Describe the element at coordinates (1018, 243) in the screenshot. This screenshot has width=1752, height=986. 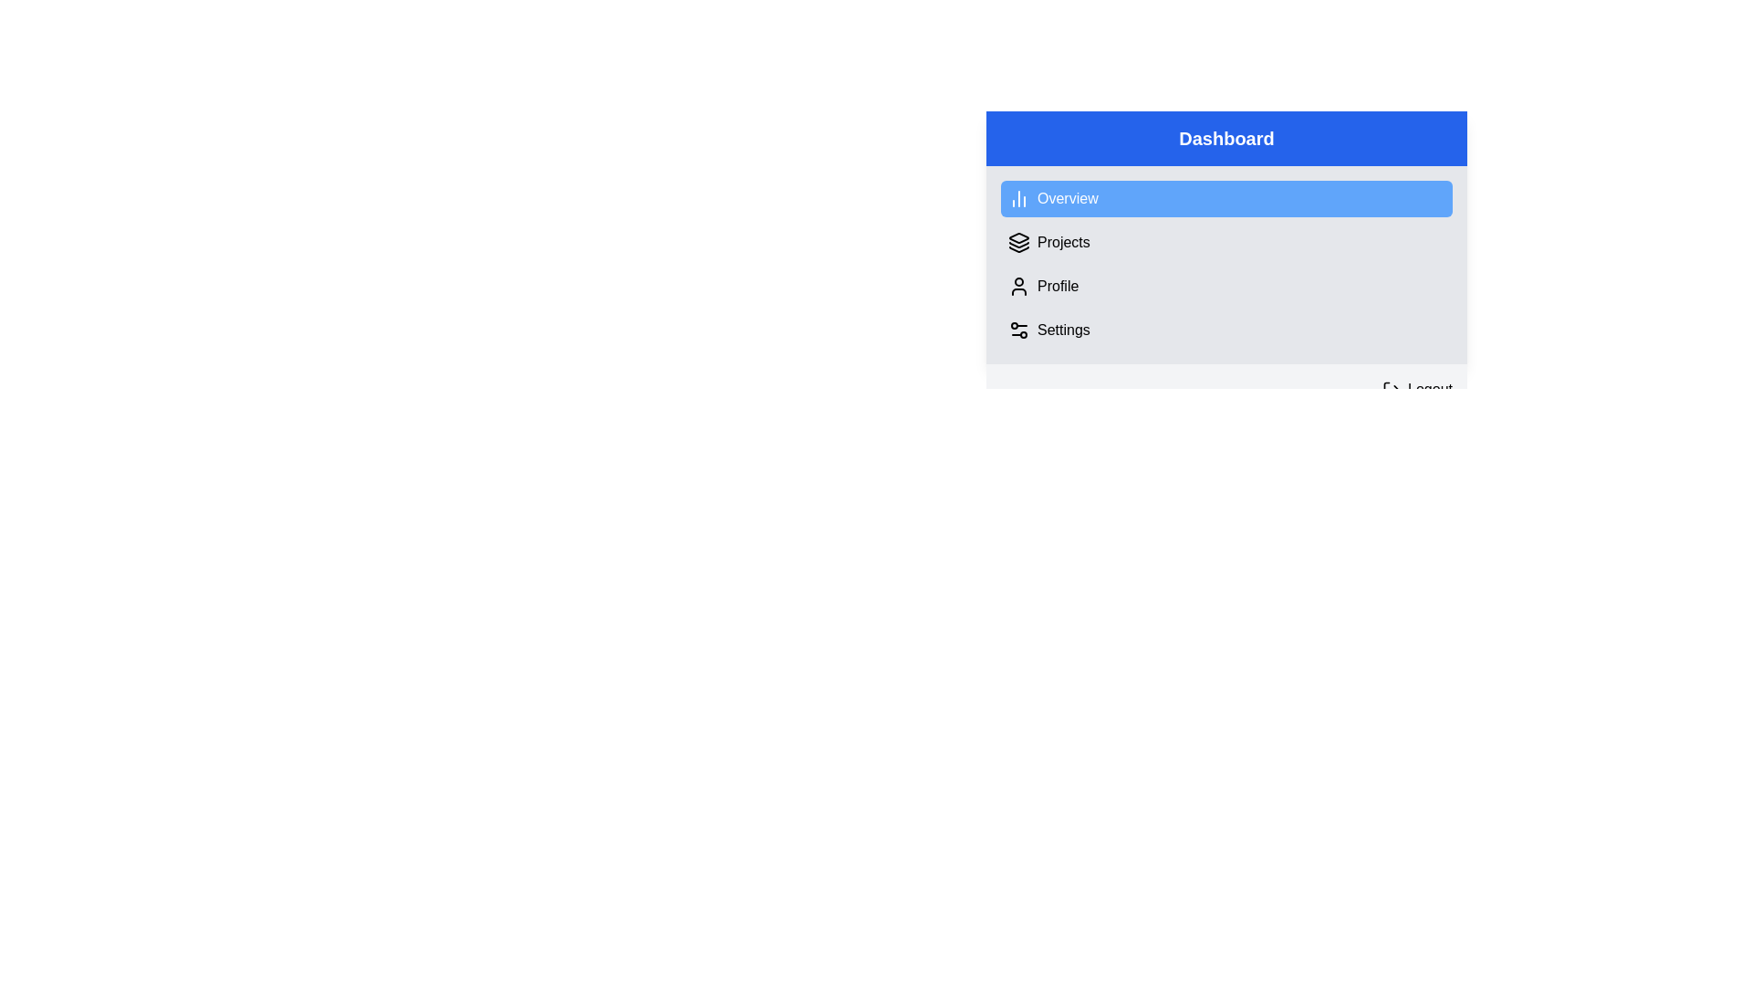
I see `the middle layer of the decorative graphical element within the SVG icon located in the left sidebar of the navigational menu` at that location.